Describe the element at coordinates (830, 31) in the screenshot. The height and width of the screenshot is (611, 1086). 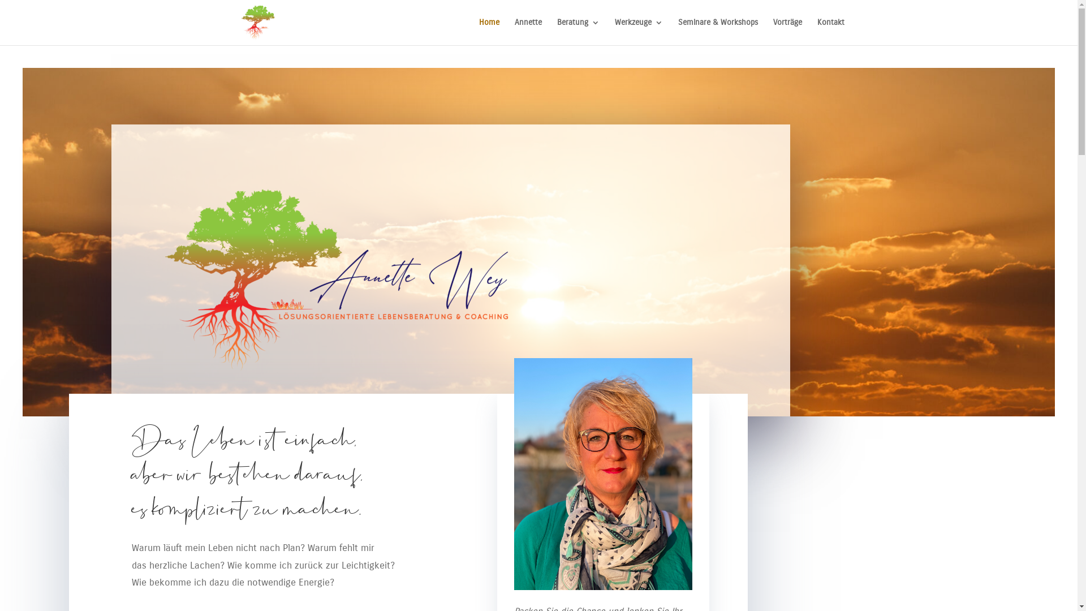
I see `'Kontakt'` at that location.